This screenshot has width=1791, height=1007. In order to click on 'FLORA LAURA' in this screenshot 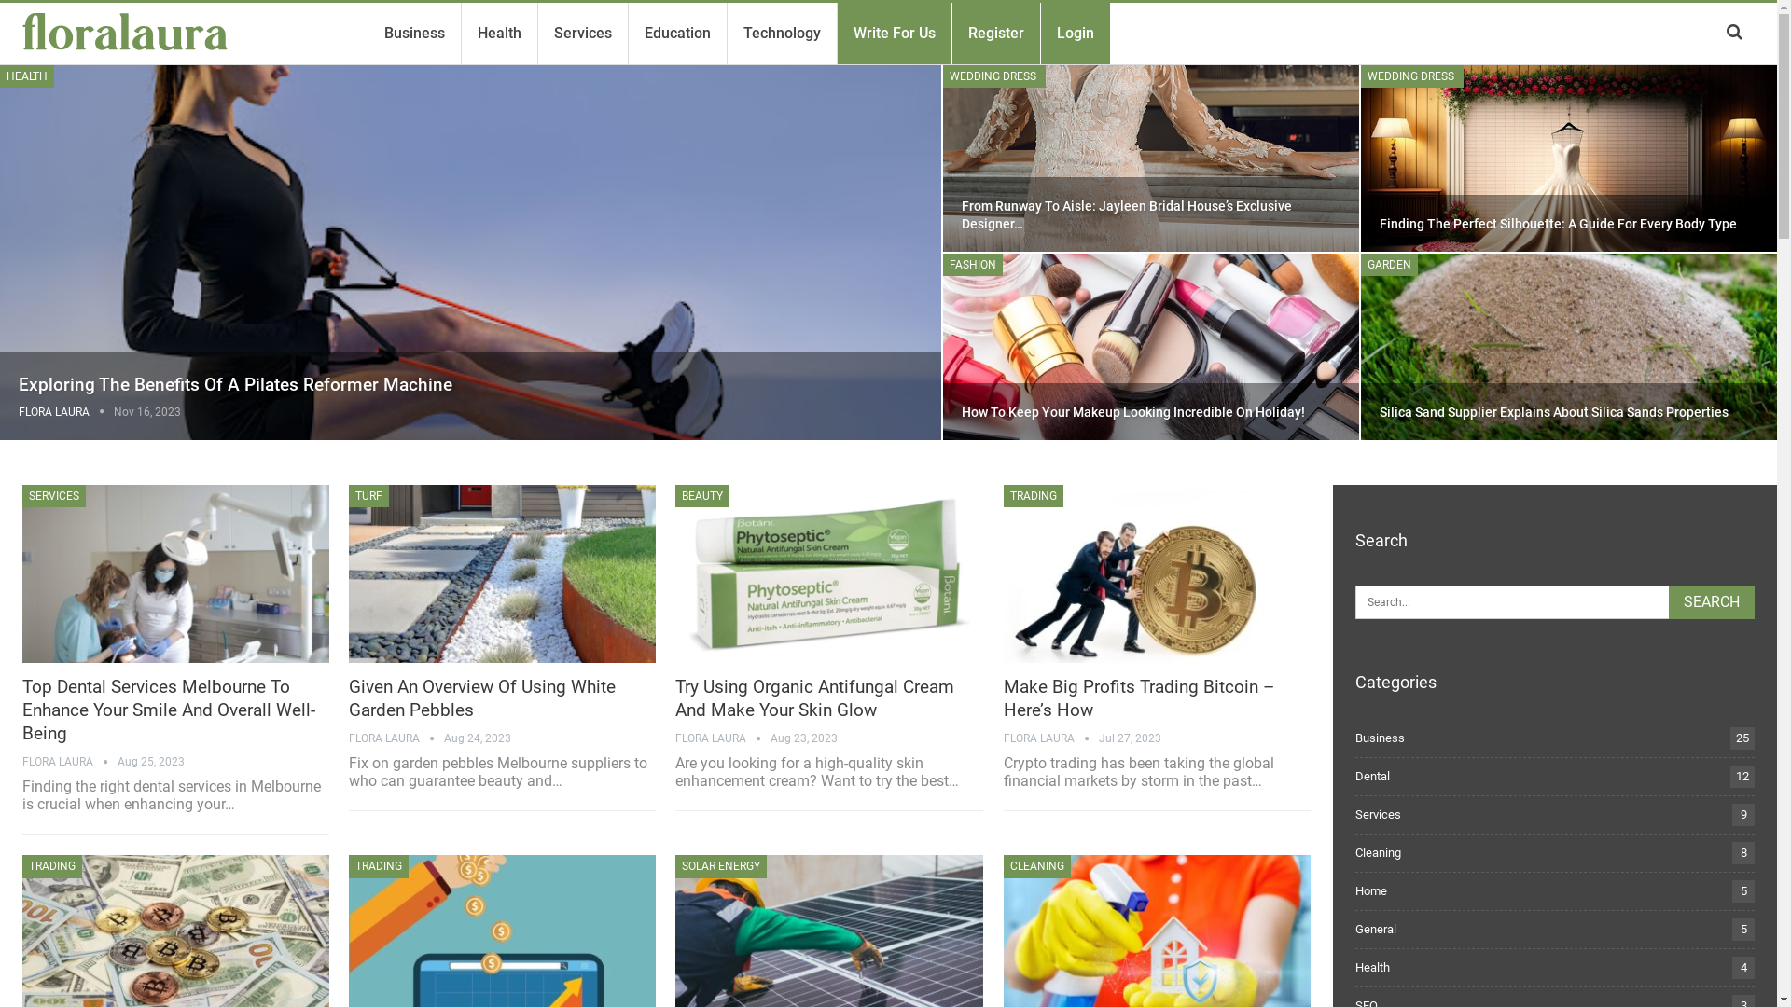, I will do `click(18, 411)`.